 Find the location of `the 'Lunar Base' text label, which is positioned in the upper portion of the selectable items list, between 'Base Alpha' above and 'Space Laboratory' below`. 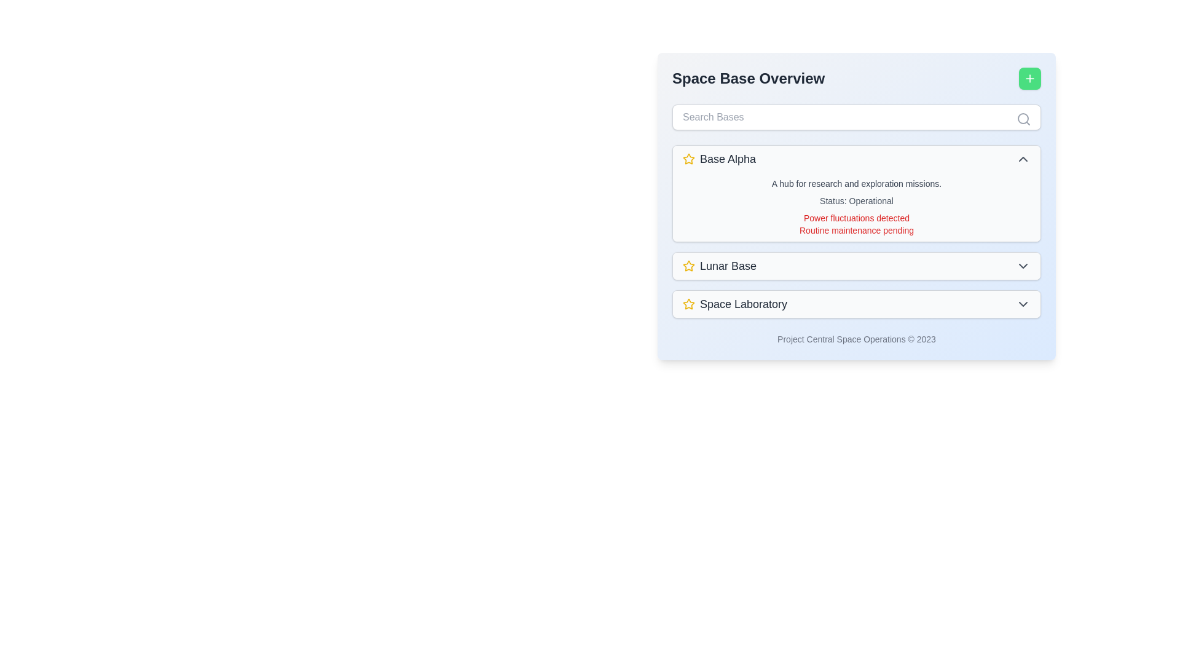

the 'Lunar Base' text label, which is positioned in the upper portion of the selectable items list, between 'Base Alpha' above and 'Space Laboratory' below is located at coordinates (720, 265).